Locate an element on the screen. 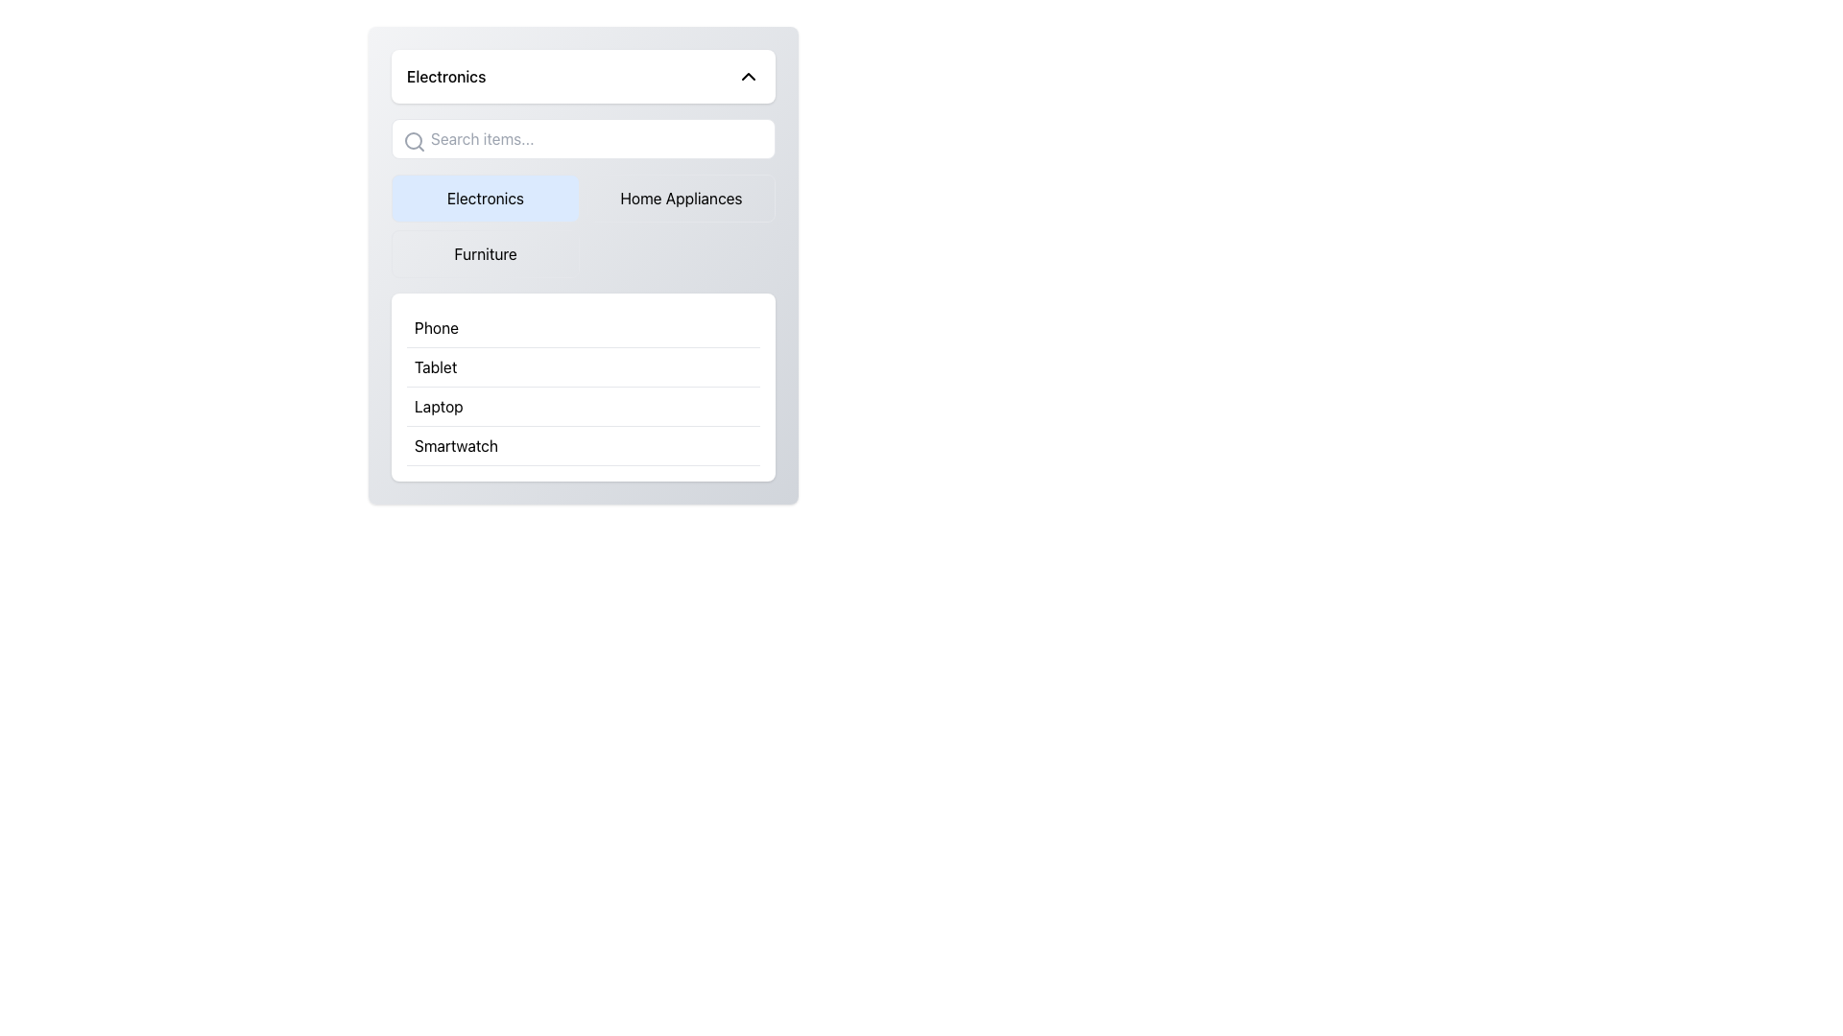  the search icon represented by a magnifying glass with a circular frame and handle, located at the beginning of the search bar is located at coordinates (414, 140).